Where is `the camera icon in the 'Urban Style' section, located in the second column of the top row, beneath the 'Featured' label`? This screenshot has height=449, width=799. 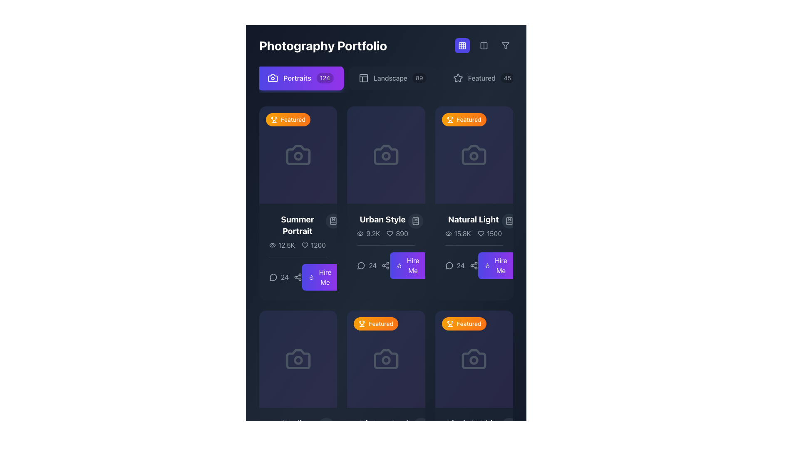
the camera icon in the 'Urban Style' section, located in the second column of the top row, beneath the 'Featured' label is located at coordinates (385, 155).